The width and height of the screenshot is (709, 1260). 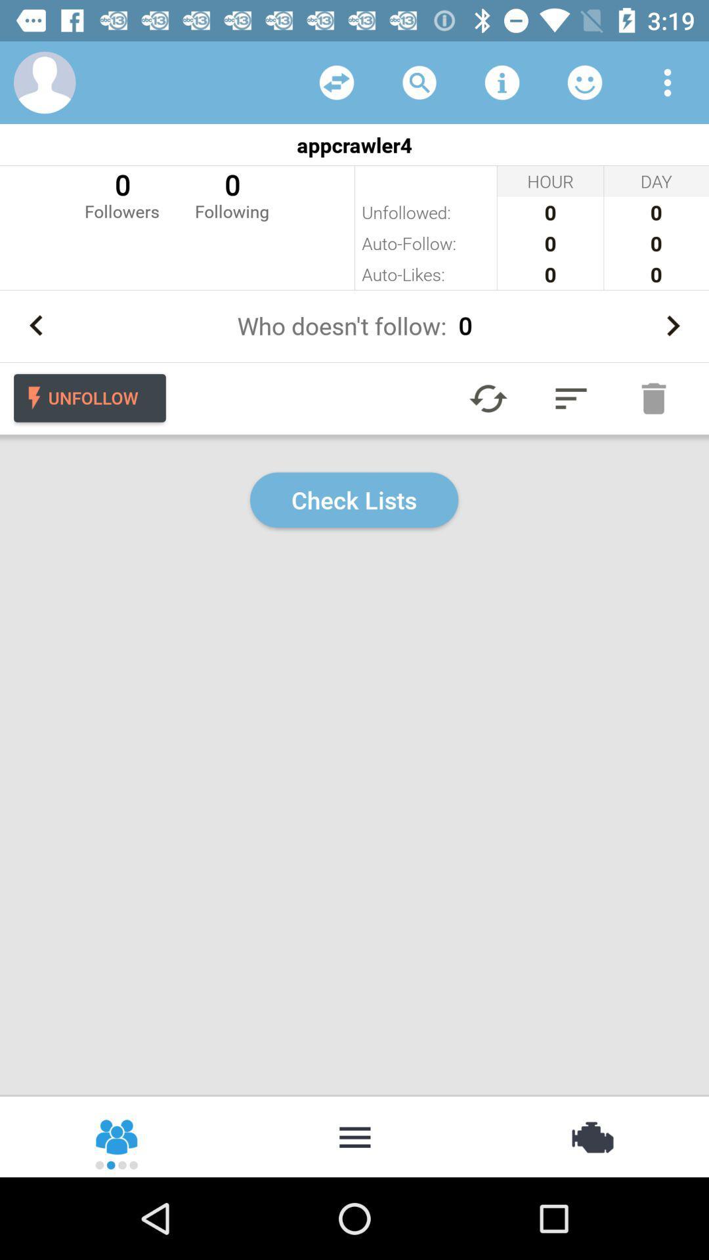 I want to click on the refresh icon, so click(x=488, y=398).